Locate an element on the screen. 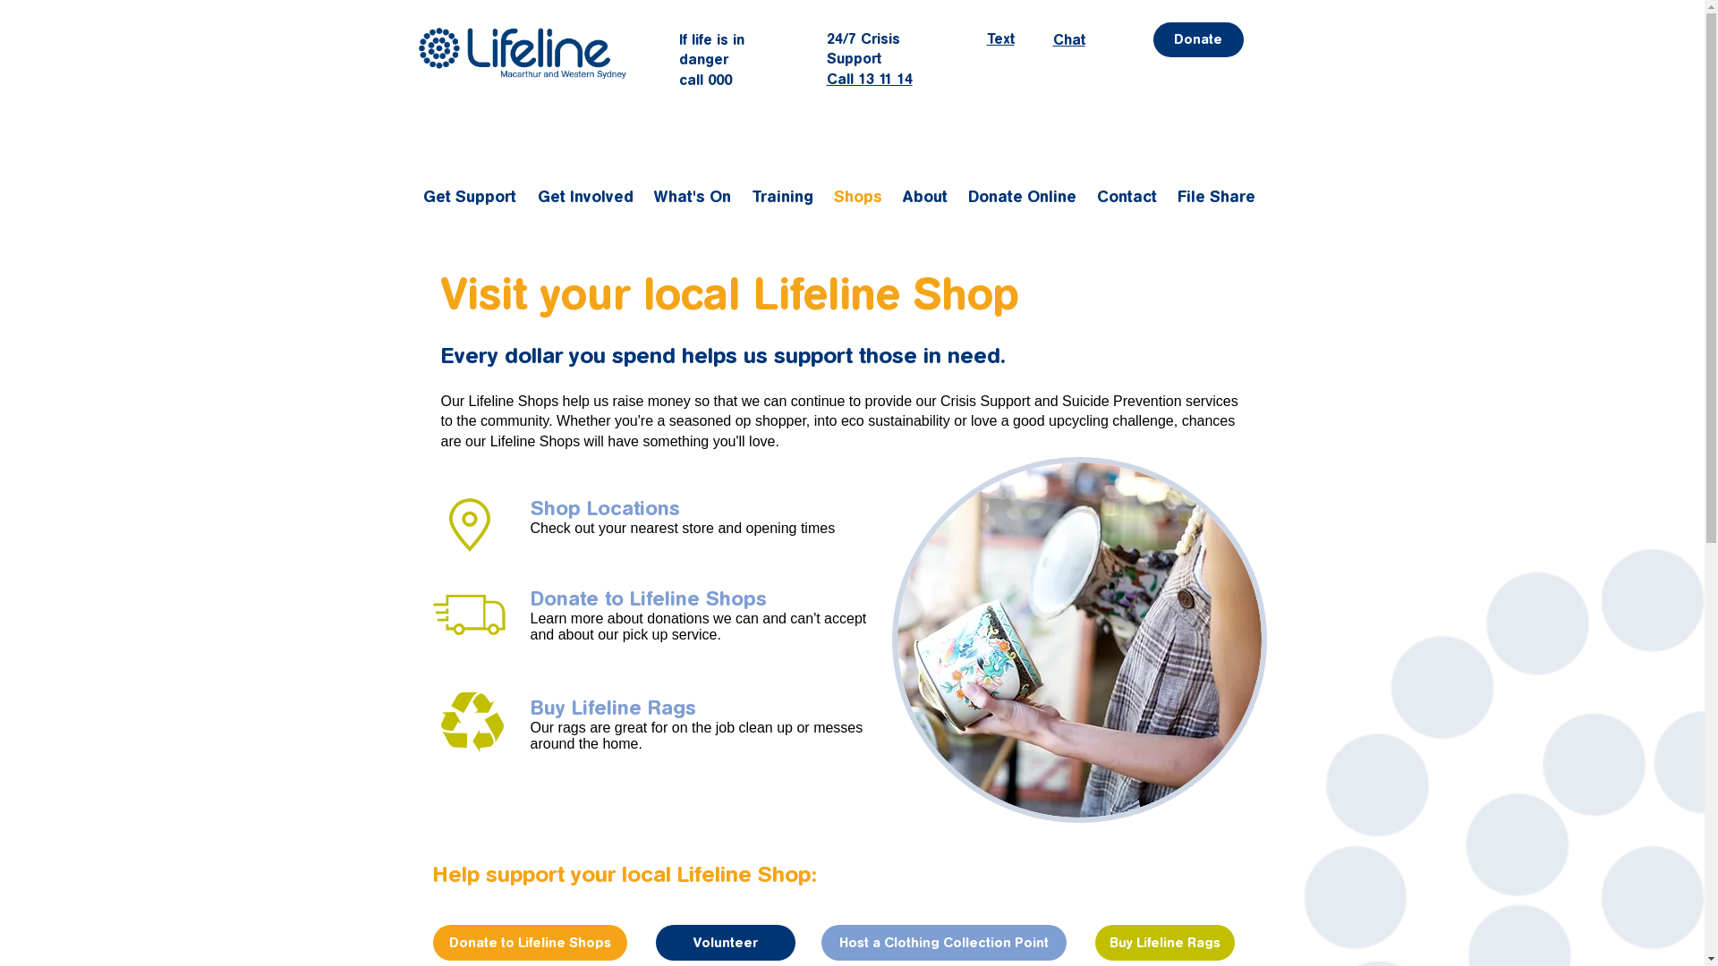 The height and width of the screenshot is (966, 1718). 'Shop Locations' is located at coordinates (528, 508).